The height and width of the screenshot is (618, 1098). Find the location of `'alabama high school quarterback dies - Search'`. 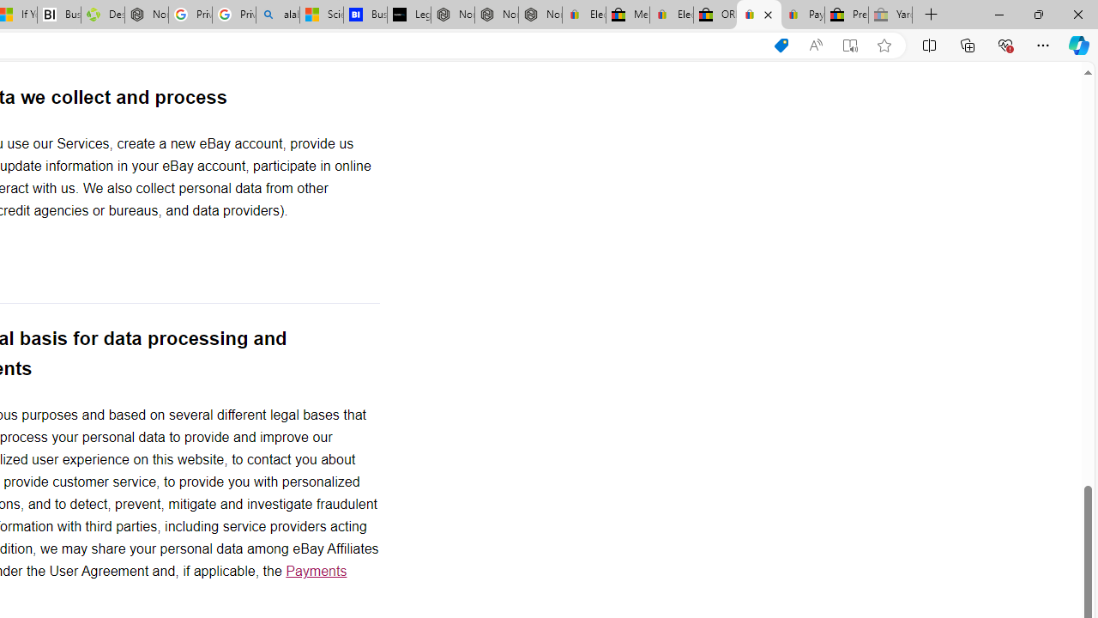

'alabama high school quarterback dies - Search' is located at coordinates (278, 15).